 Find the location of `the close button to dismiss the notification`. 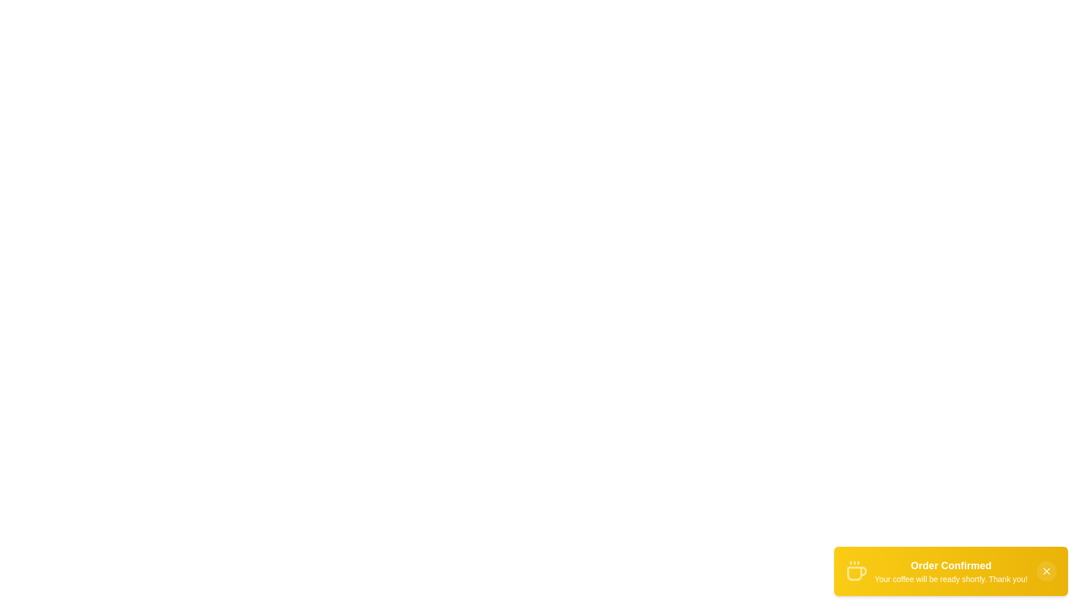

the close button to dismiss the notification is located at coordinates (1046, 571).